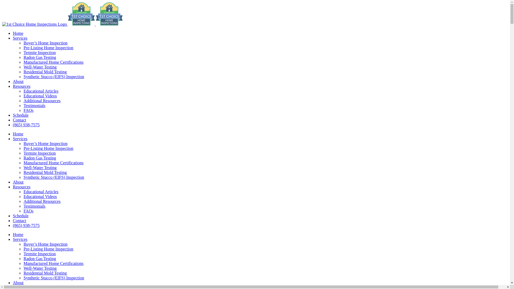  What do you see at coordinates (41, 191) in the screenshot?
I see `'Educational Articles'` at bounding box center [41, 191].